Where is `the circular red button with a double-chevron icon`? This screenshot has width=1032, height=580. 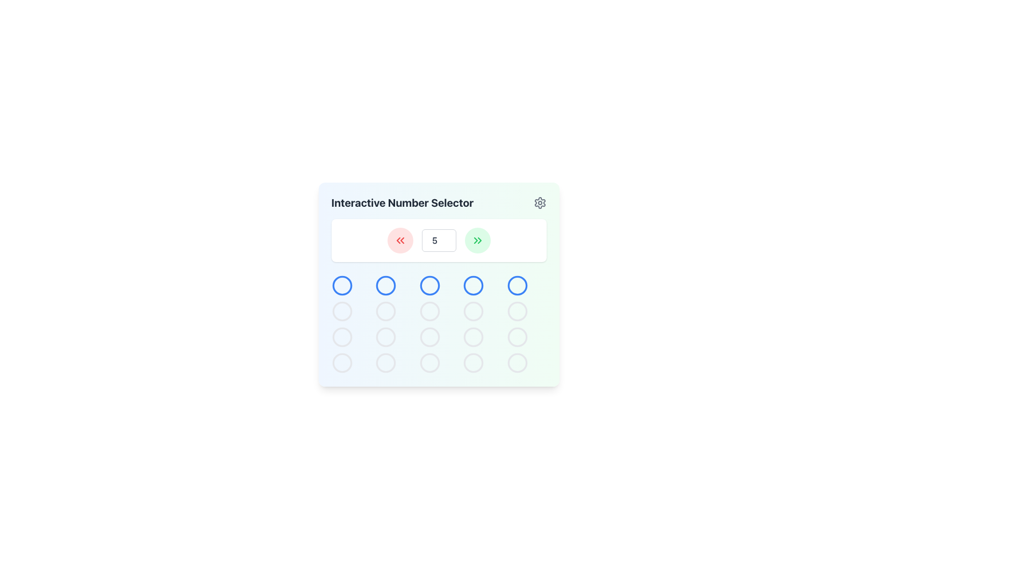 the circular red button with a double-chevron icon is located at coordinates (399, 240).